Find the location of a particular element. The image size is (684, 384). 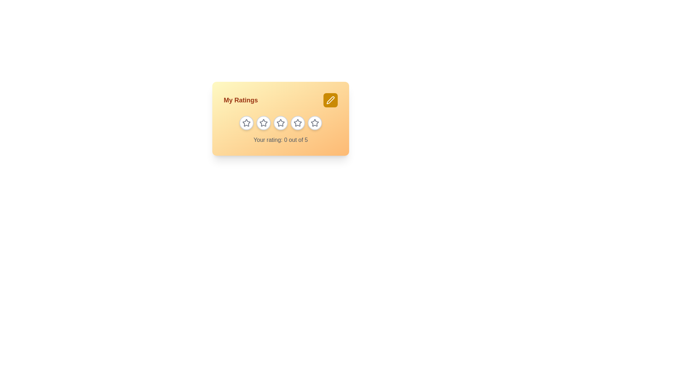

the third circular rating icon below the 'My Ratings' header is located at coordinates (280, 123).